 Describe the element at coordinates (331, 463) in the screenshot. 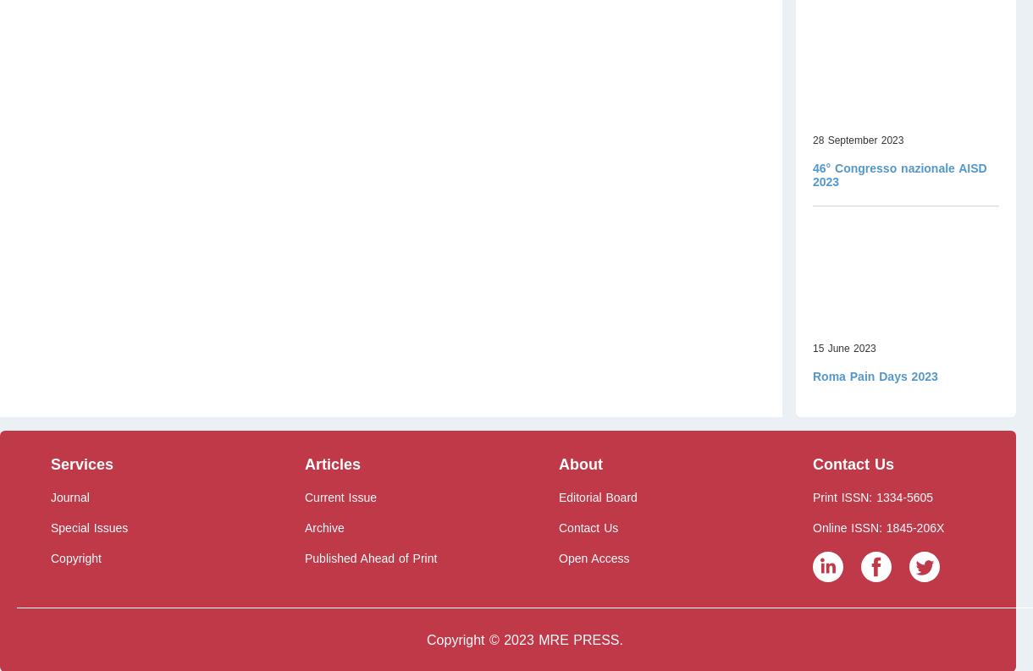

I see `'Articles'` at that location.